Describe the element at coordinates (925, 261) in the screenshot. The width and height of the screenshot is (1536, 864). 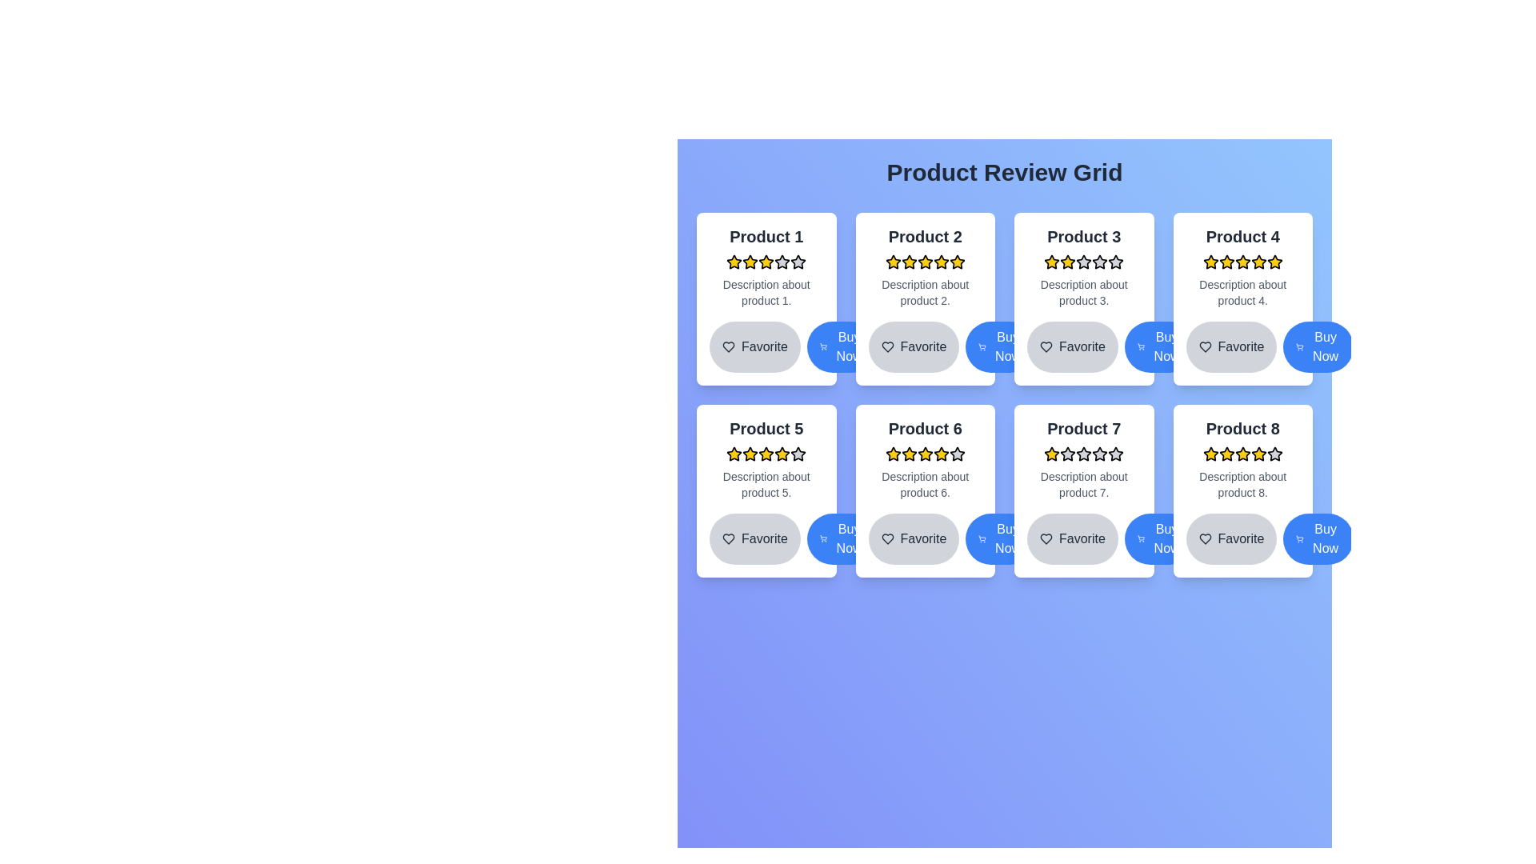
I see `the star icon in the graphical rating component for 'Product 2' to interact with it` at that location.